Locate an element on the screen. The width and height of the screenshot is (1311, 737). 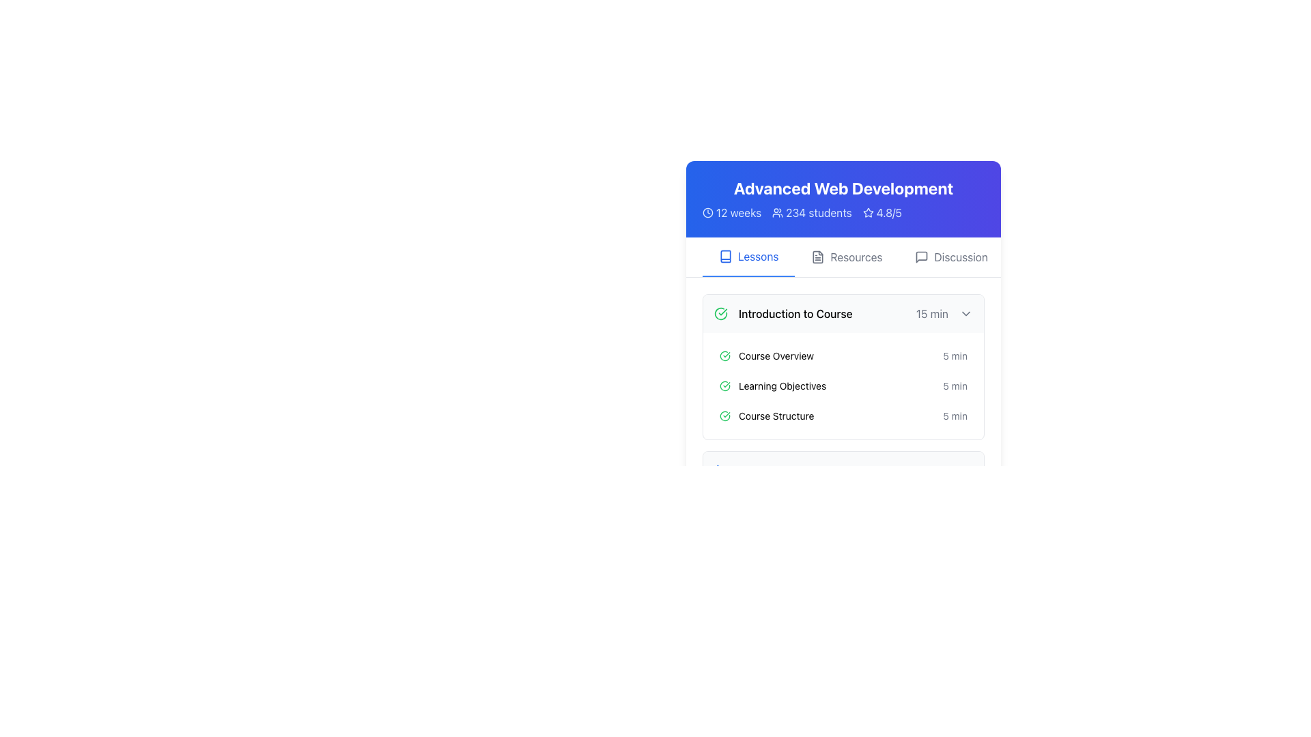
the Informational display section that serves as a summary header for course details, positioned above the navigation tabs is located at coordinates (843, 199).